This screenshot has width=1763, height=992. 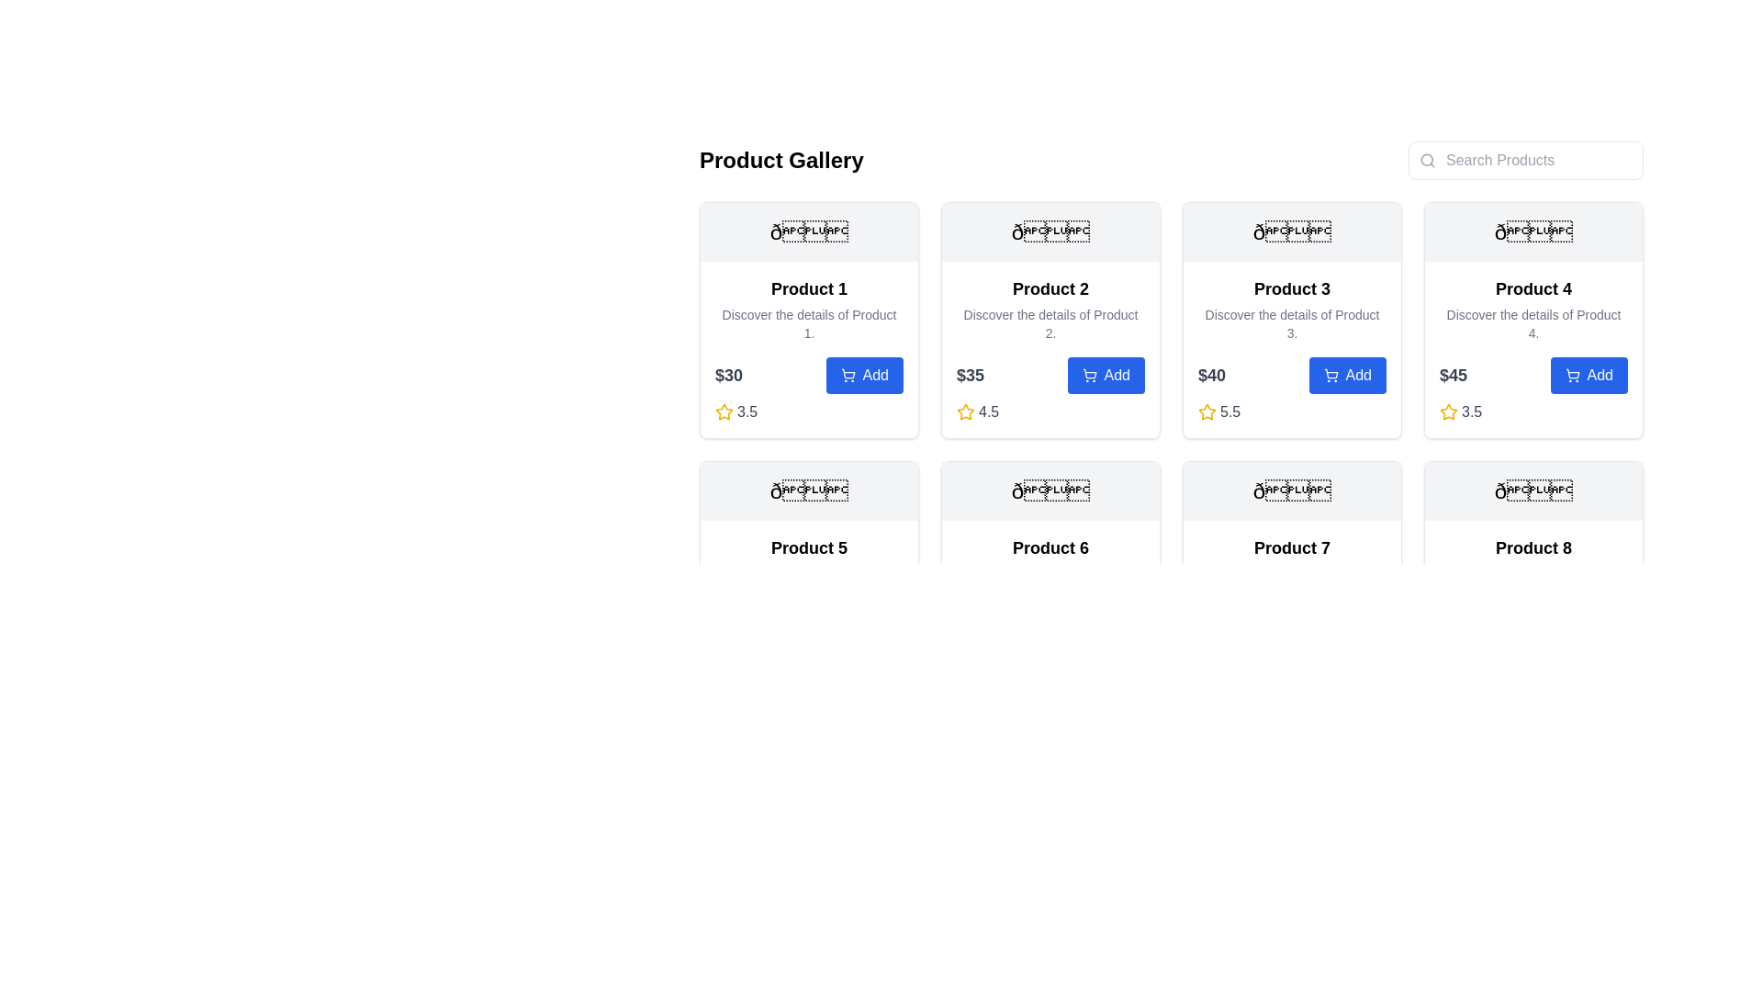 What do you see at coordinates (1533, 490) in the screenshot?
I see `the emoji icon decorative component of Product 8 in the product gallery grid, located at the top of the card` at bounding box center [1533, 490].